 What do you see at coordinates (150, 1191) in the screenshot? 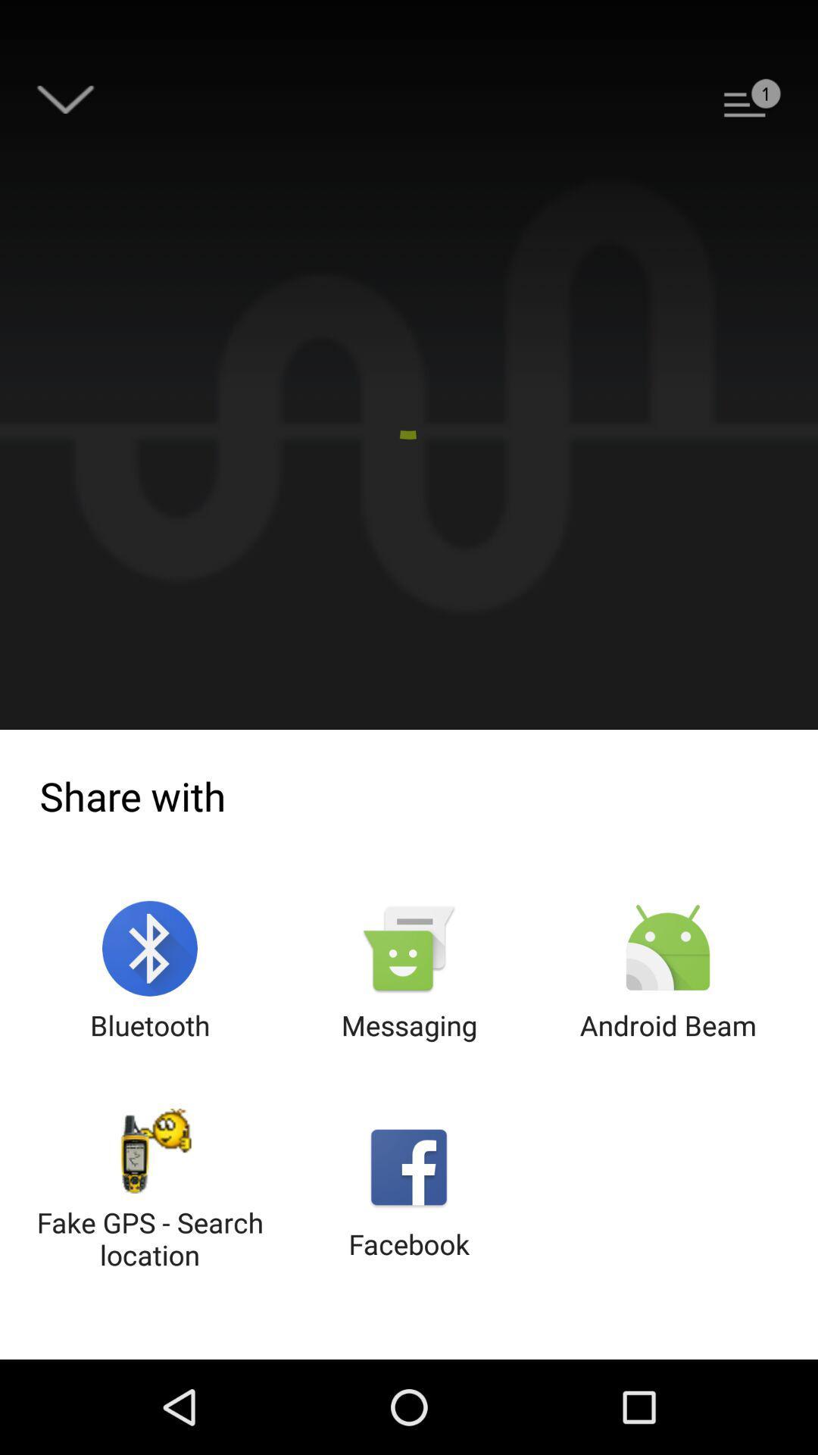
I see `fake gps search item` at bounding box center [150, 1191].